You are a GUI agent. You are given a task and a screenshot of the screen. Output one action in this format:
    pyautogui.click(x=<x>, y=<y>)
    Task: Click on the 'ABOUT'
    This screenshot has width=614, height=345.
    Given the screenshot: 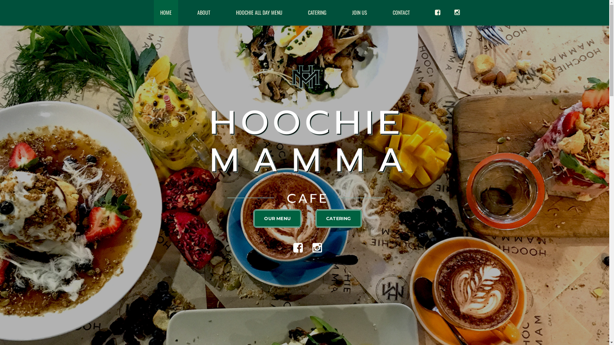 What is the action you would take?
    pyautogui.click(x=203, y=12)
    